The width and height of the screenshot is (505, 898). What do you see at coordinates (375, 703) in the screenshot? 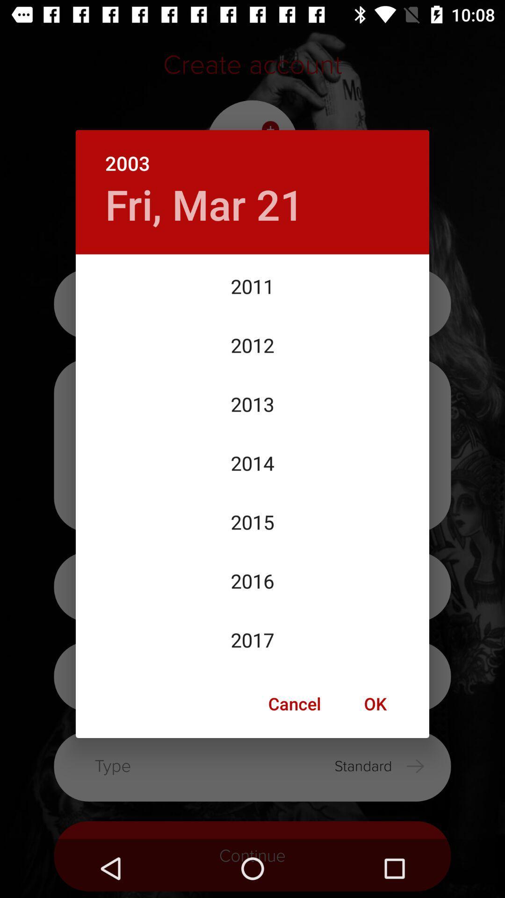
I see `the item below the 2017 item` at bounding box center [375, 703].